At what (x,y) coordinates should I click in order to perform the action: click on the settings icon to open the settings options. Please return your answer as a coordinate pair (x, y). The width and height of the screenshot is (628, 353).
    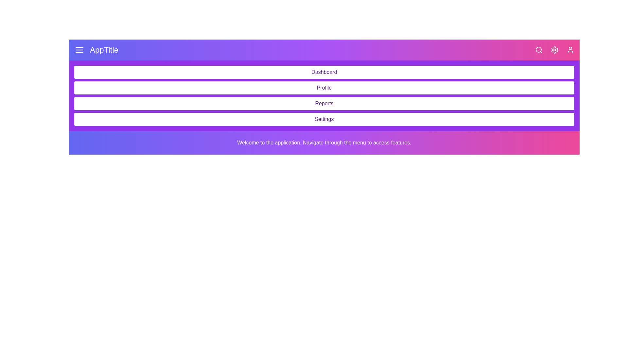
    Looking at the image, I should click on (554, 50).